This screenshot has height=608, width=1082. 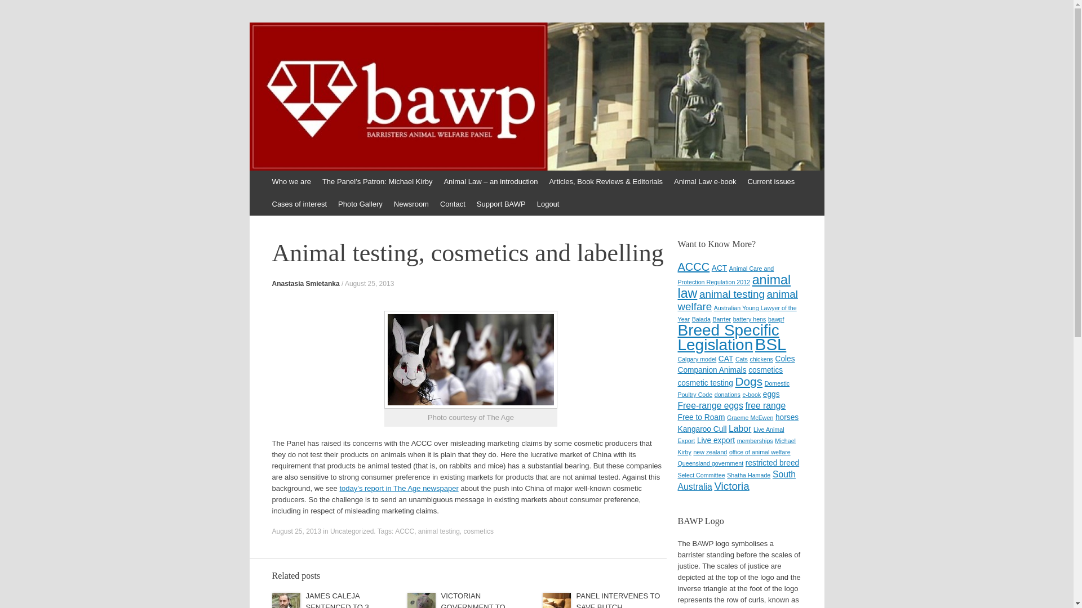 What do you see at coordinates (761, 359) in the screenshot?
I see `'chickens'` at bounding box center [761, 359].